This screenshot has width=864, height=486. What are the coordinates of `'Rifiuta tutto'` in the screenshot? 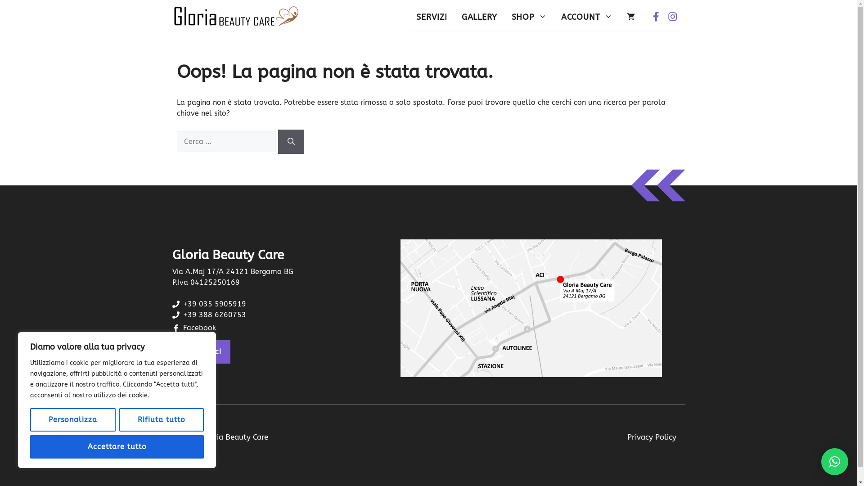 It's located at (118, 420).